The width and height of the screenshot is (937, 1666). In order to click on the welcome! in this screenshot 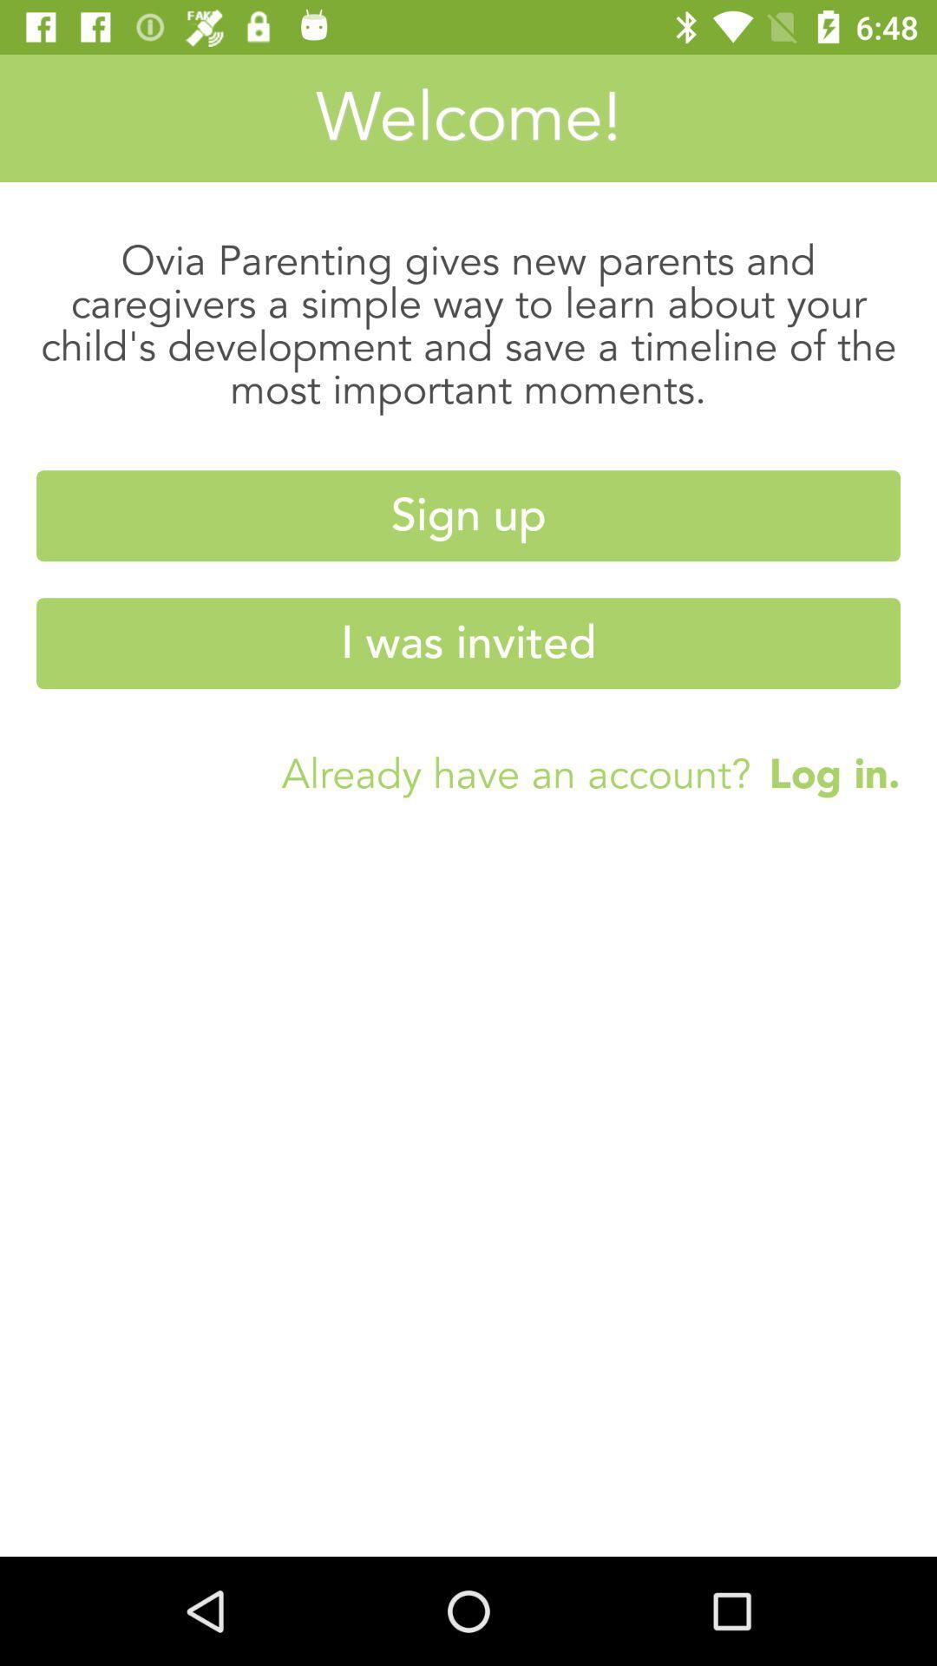, I will do `click(468, 117)`.